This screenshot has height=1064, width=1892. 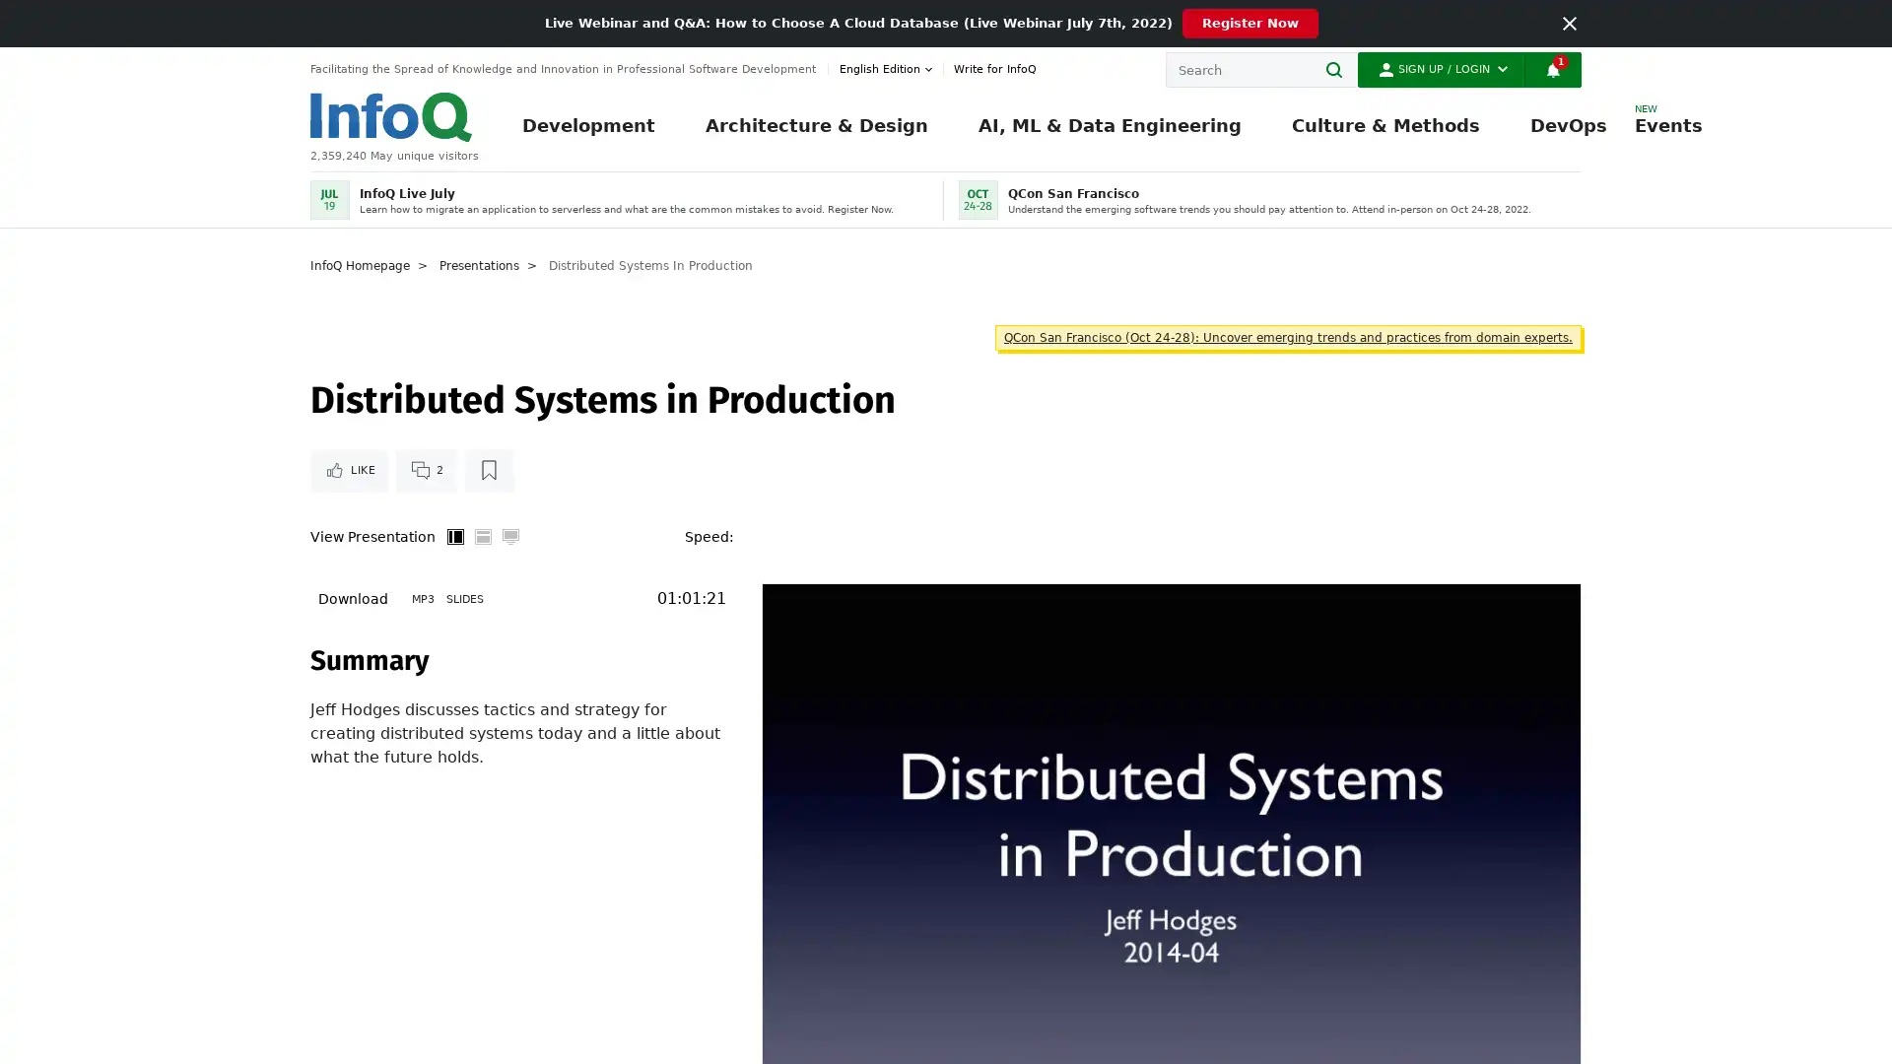 I want to click on Search, so click(x=1339, y=68).